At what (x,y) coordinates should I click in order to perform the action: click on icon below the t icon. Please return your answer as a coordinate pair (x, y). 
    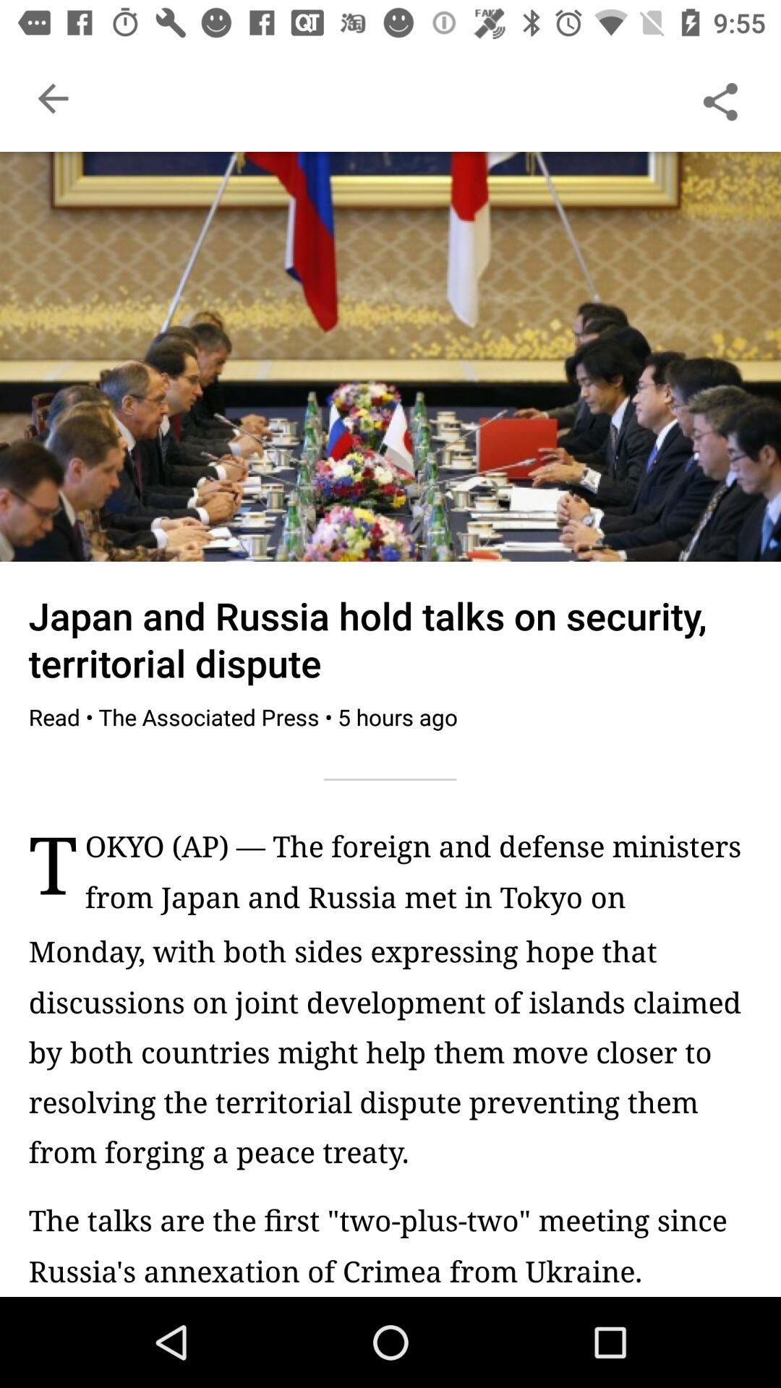
    Looking at the image, I should click on (390, 1051).